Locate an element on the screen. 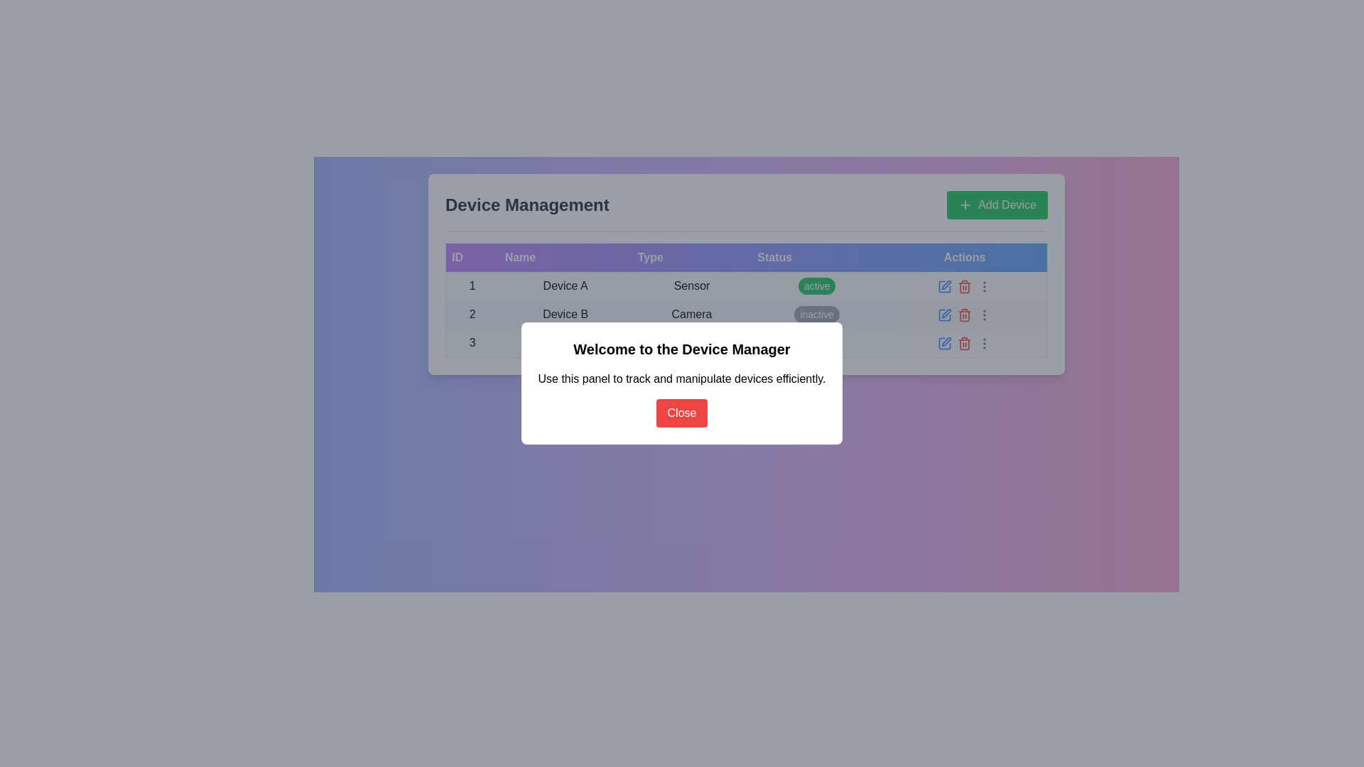 The image size is (1364, 767). the 'Sensor' label in the 'Type' column of the table that displays device information is located at coordinates (692, 285).